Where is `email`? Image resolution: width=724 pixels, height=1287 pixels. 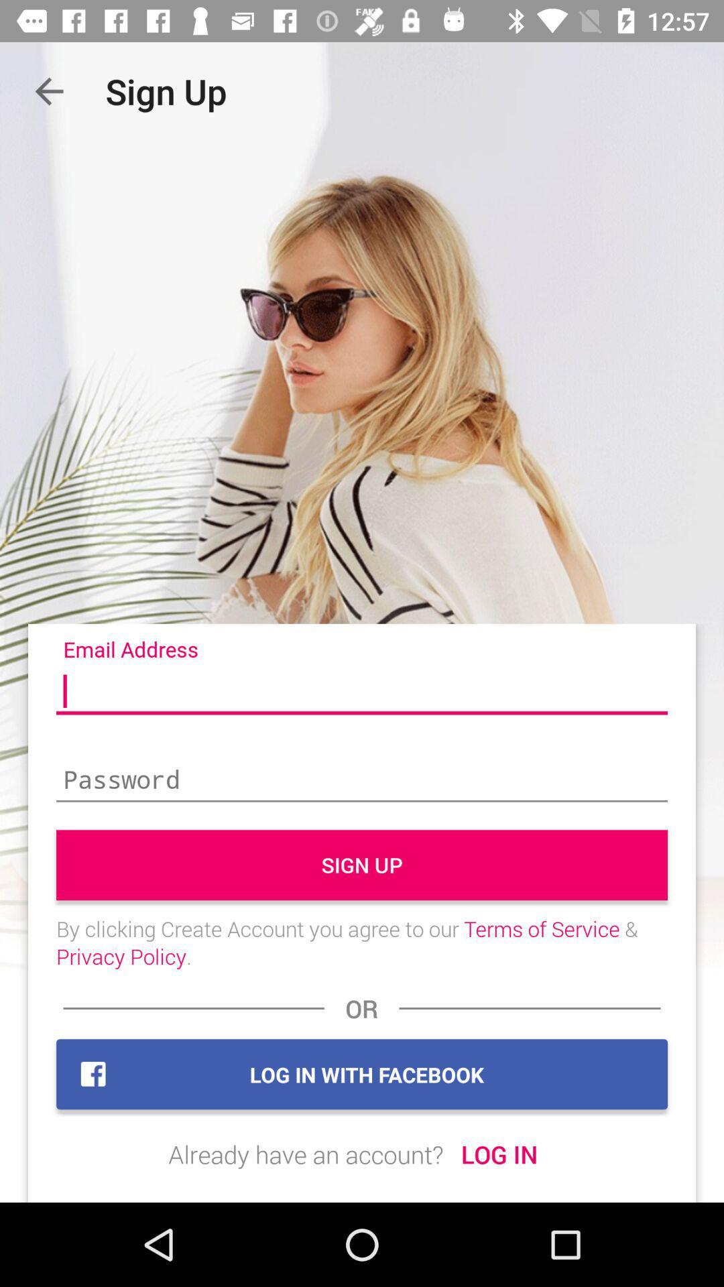
email is located at coordinates (362, 692).